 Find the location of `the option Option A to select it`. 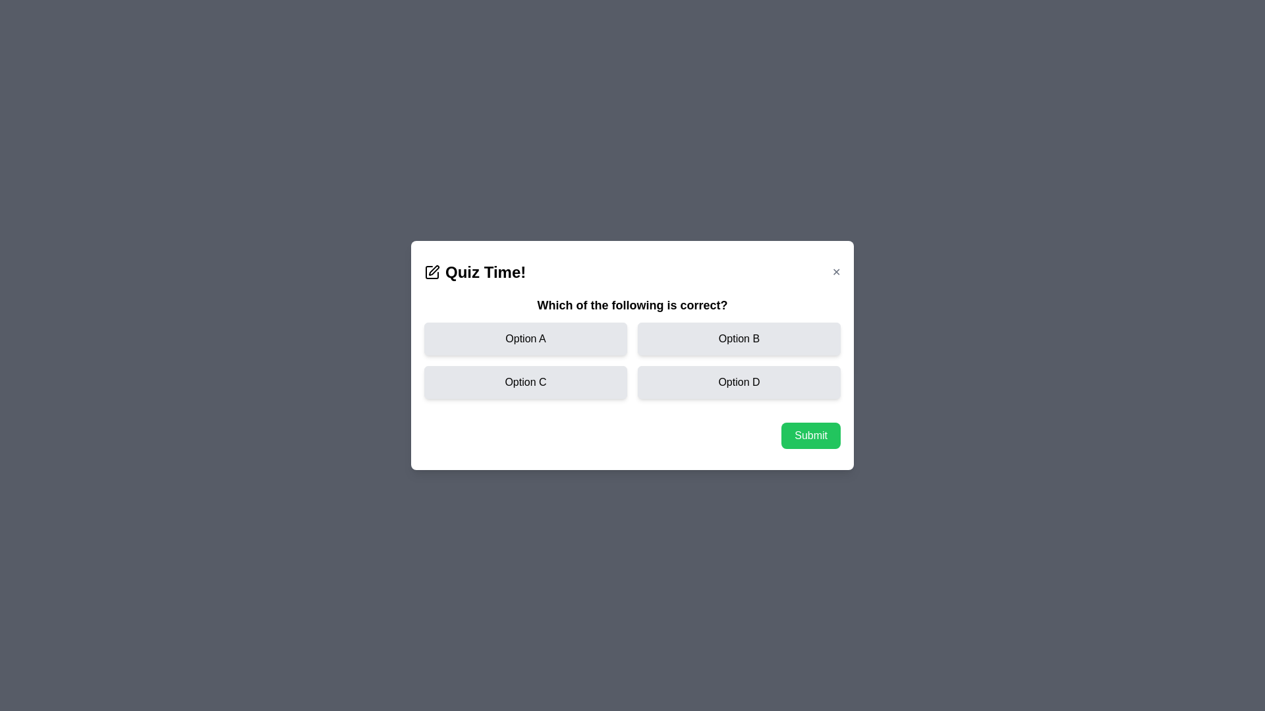

the option Option A to select it is located at coordinates (524, 338).